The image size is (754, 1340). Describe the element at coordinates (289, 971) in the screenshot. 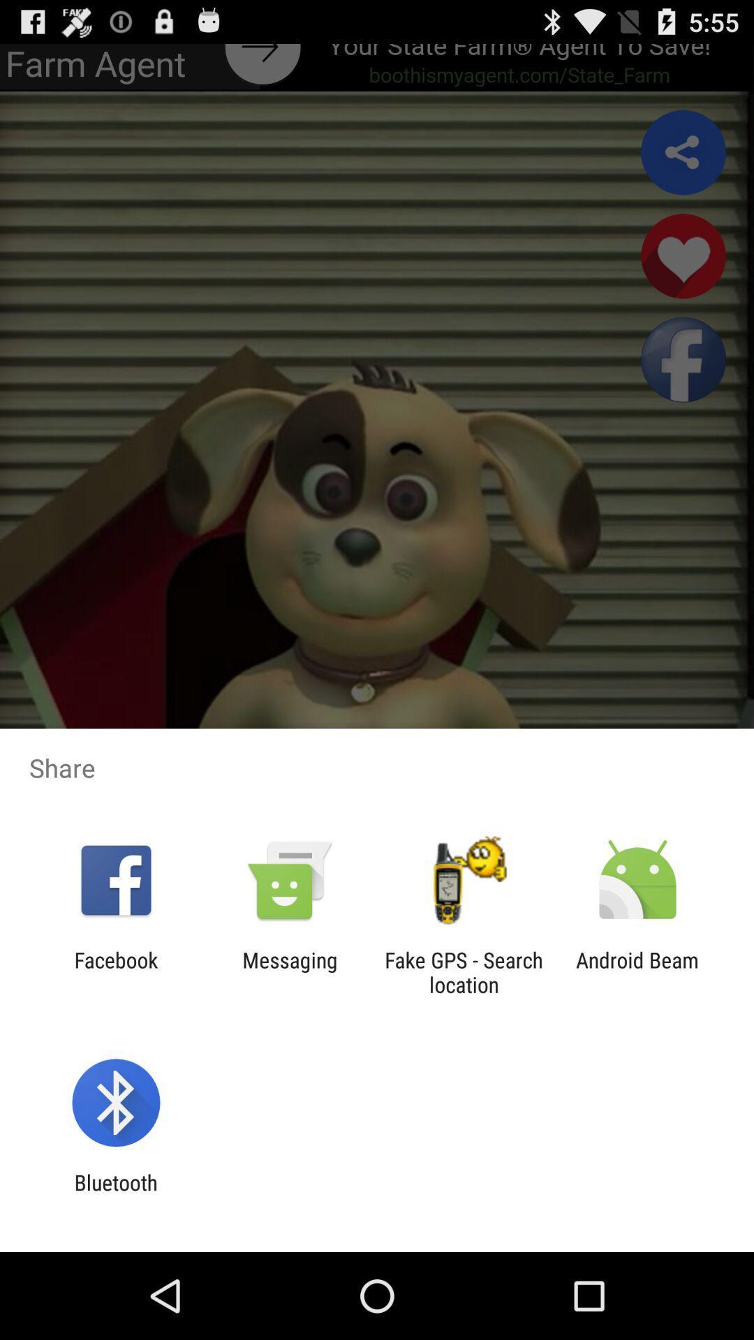

I see `the messaging item` at that location.